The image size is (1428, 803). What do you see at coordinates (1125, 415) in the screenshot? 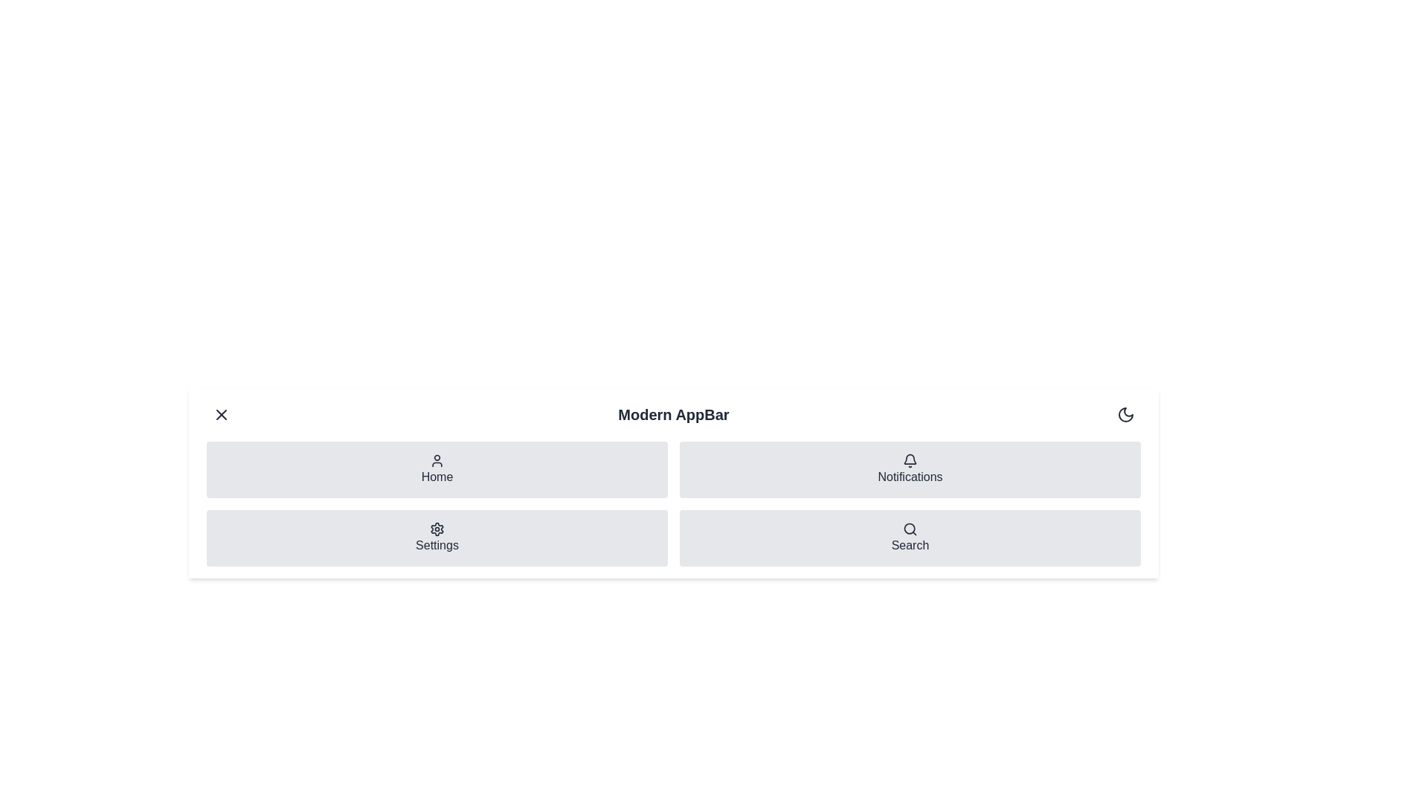
I see `the toggle button in the top-right corner of the app bar to switch between dark and light mode` at bounding box center [1125, 415].